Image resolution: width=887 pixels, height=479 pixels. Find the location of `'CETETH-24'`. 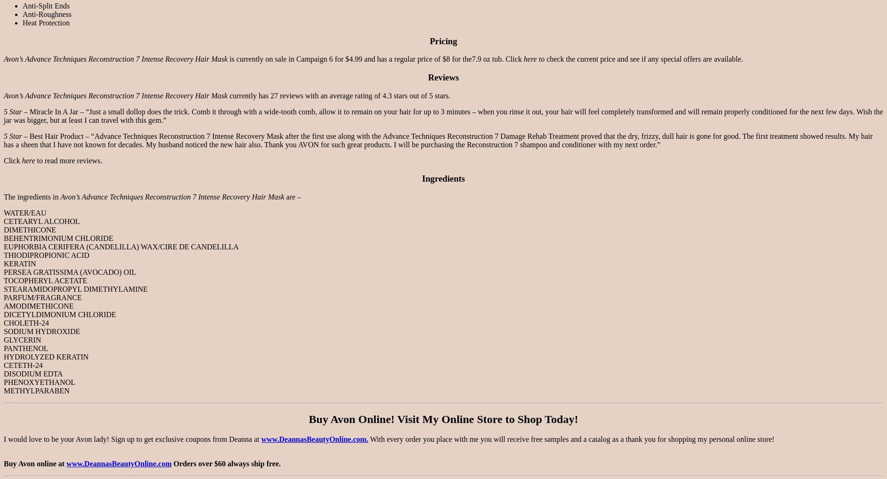

'CETETH-24' is located at coordinates (22, 365).